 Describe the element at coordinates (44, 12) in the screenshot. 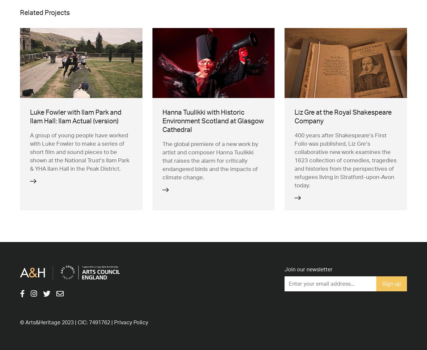

I see `'Related Projects'` at that location.